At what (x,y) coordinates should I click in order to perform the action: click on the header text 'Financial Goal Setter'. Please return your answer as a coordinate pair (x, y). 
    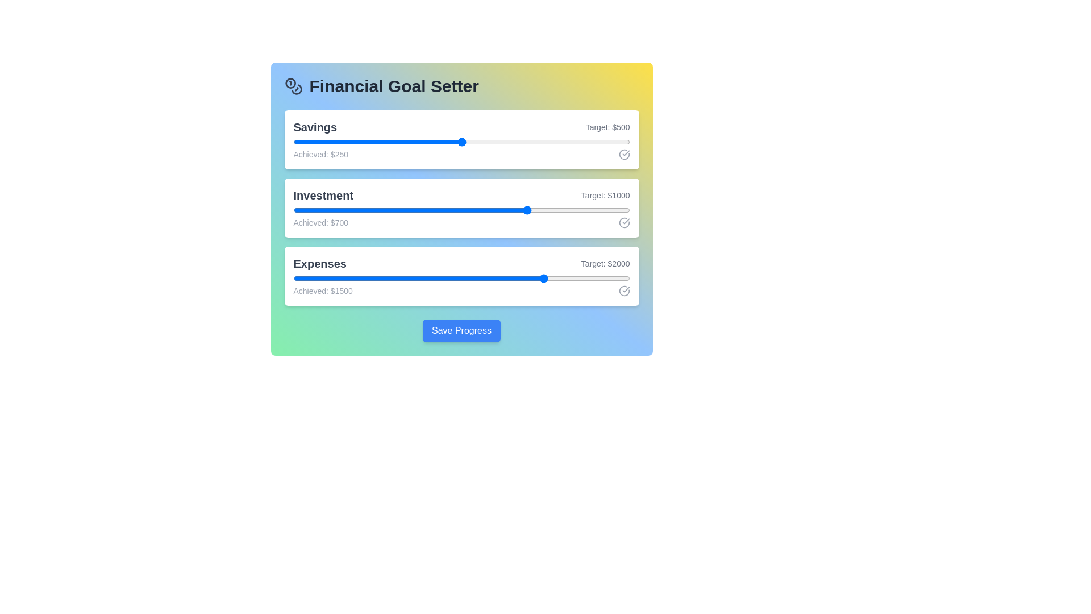
    Looking at the image, I should click on (461, 85).